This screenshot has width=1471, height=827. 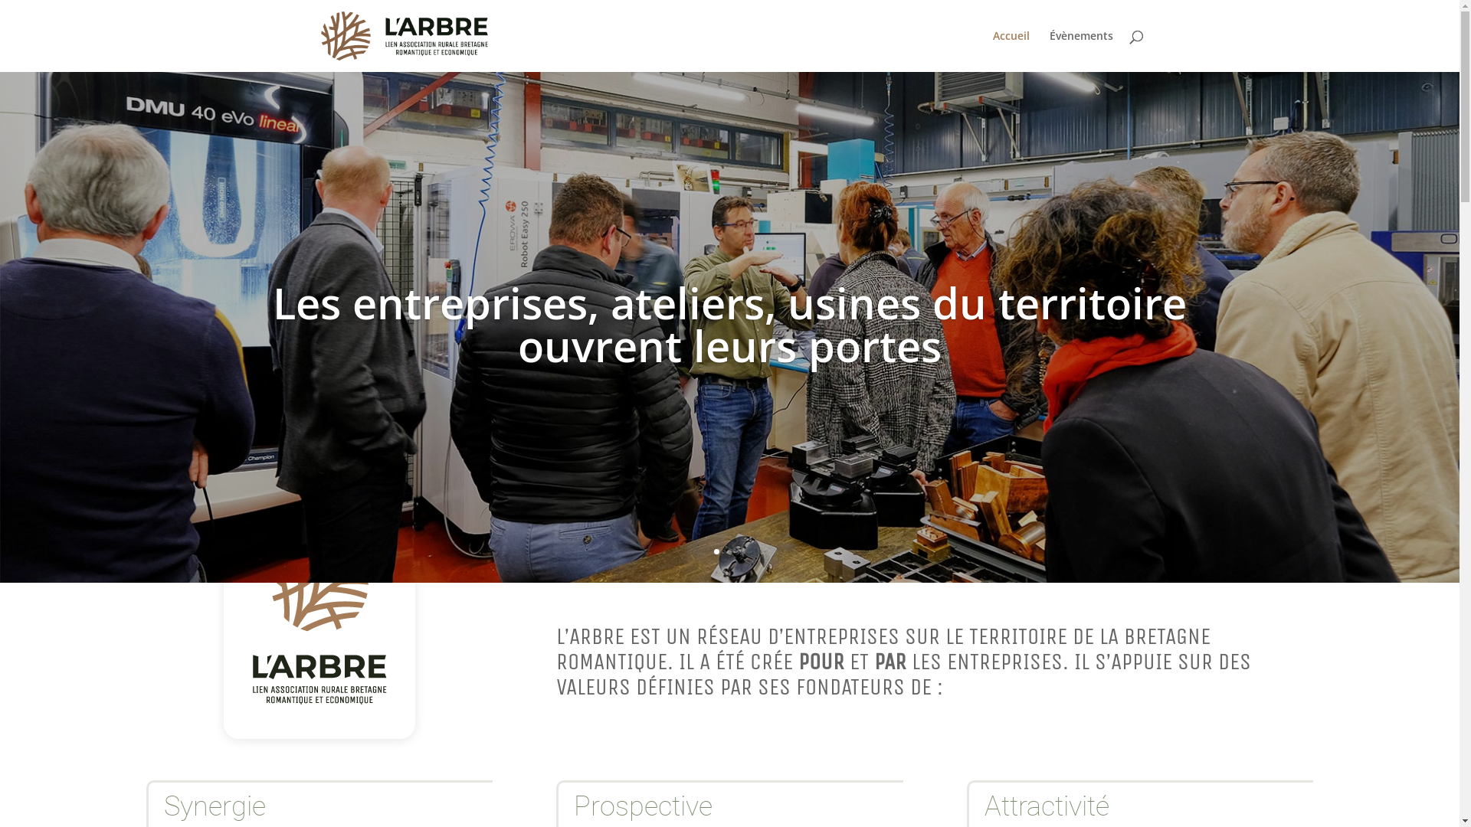 What do you see at coordinates (739, 551) in the screenshot?
I see `'3'` at bounding box center [739, 551].